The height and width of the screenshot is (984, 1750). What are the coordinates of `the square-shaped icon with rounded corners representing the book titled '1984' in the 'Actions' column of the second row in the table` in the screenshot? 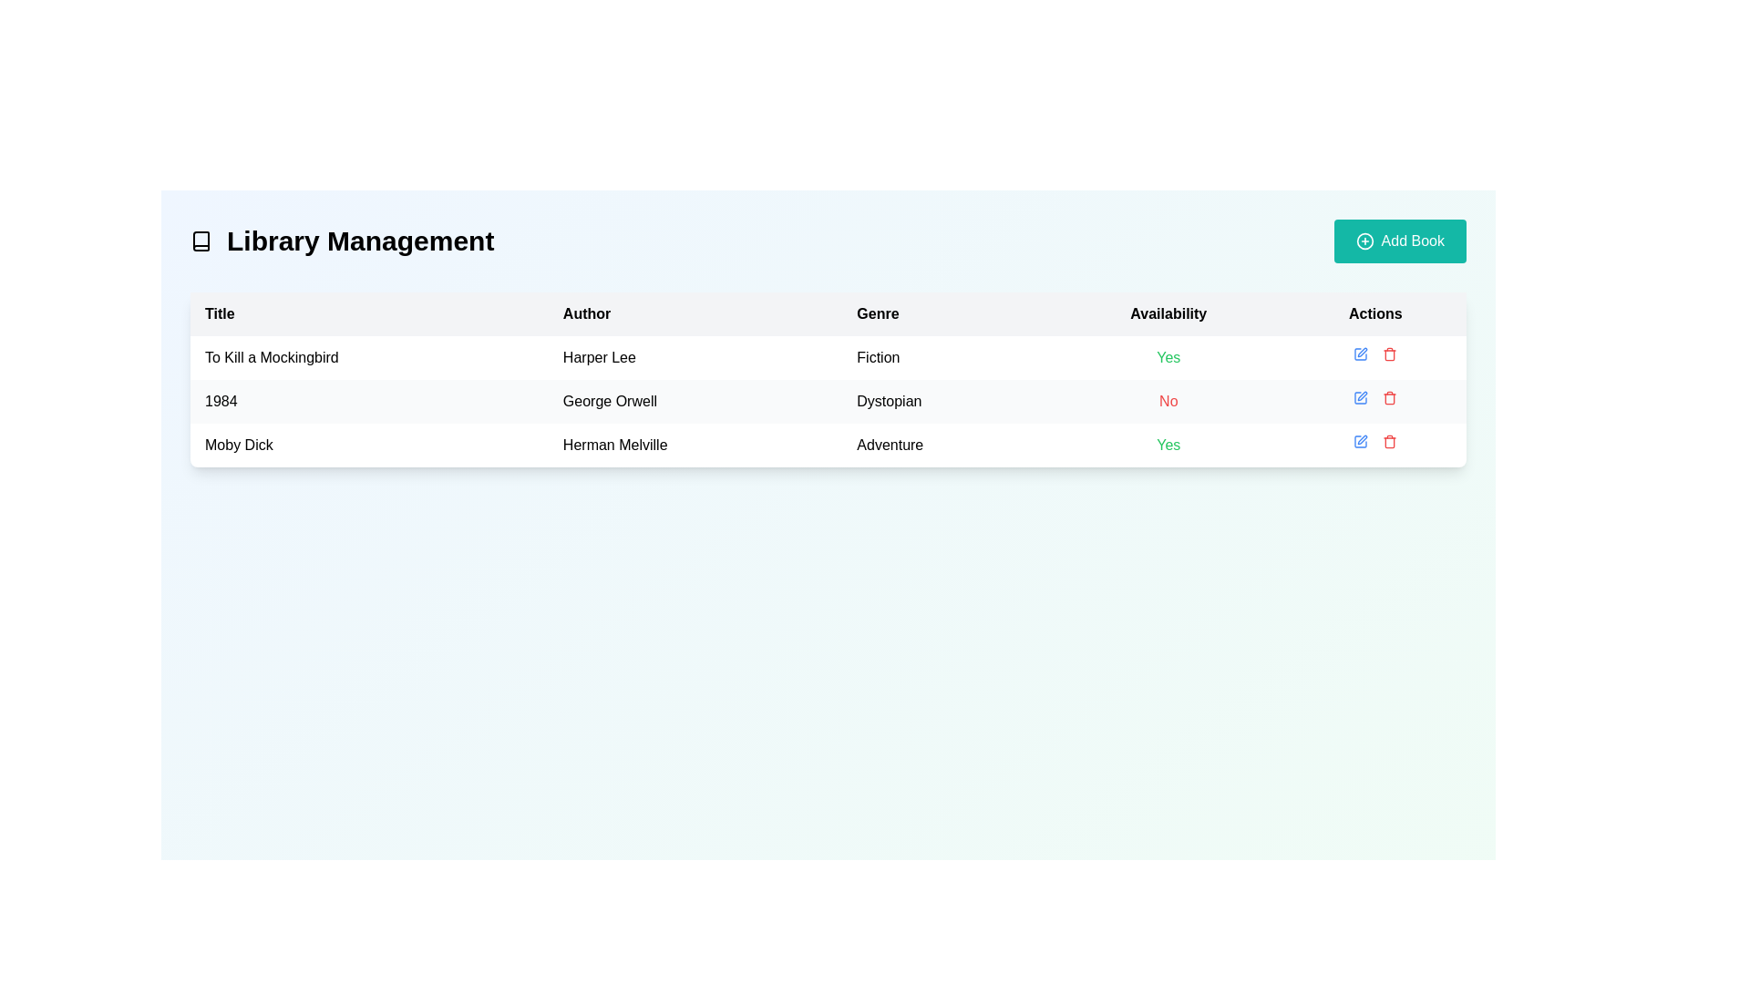 It's located at (1361, 396).